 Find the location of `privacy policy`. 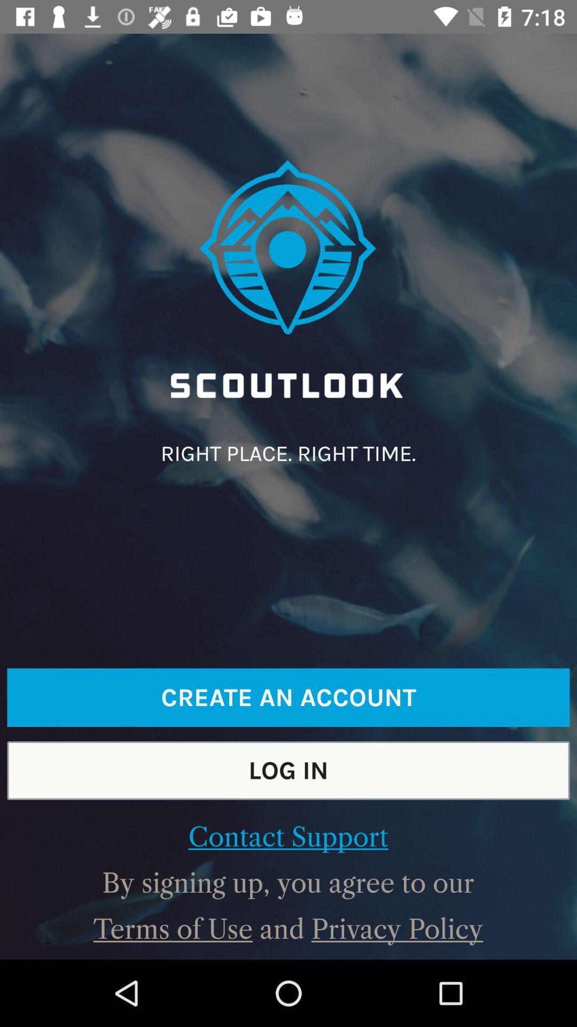

privacy policy is located at coordinates (397, 929).